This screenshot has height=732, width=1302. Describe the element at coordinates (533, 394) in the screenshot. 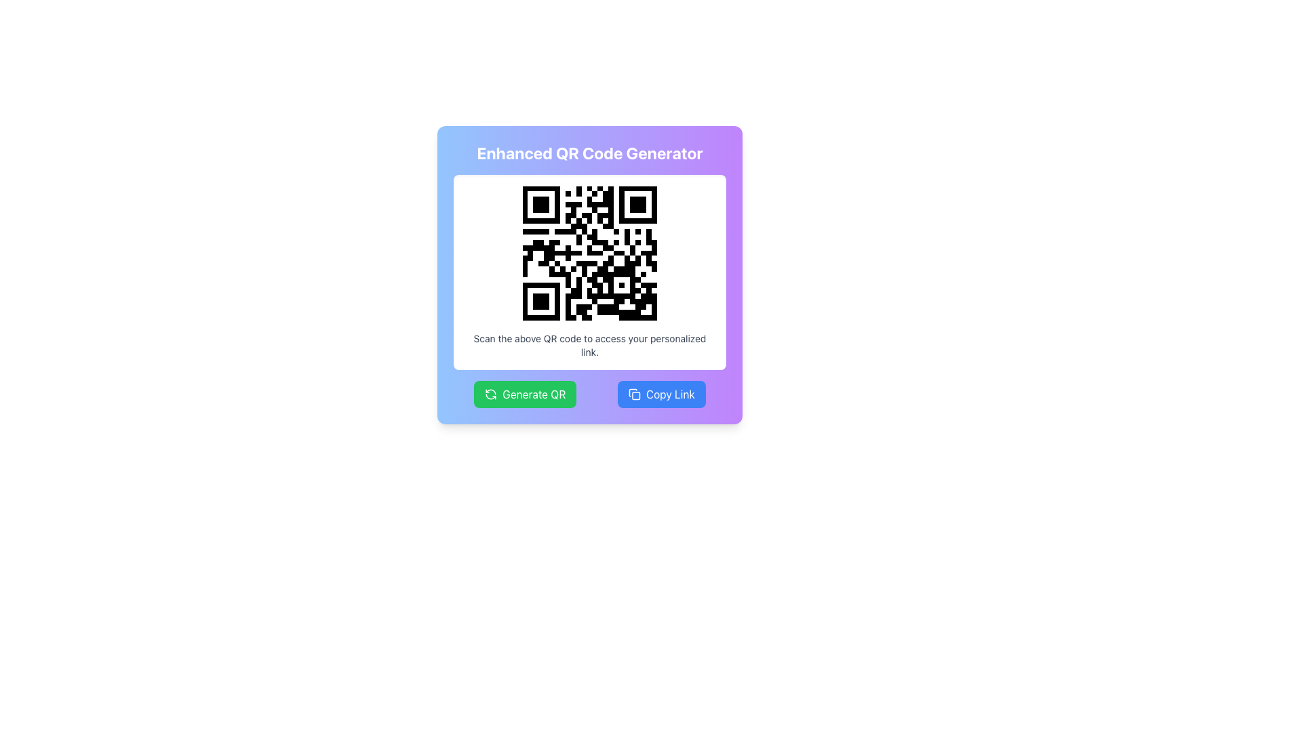

I see `the button labeled for QR code generation located at the bottom-left corner of the main card interface, which is the first button in a row of two buttons` at that location.